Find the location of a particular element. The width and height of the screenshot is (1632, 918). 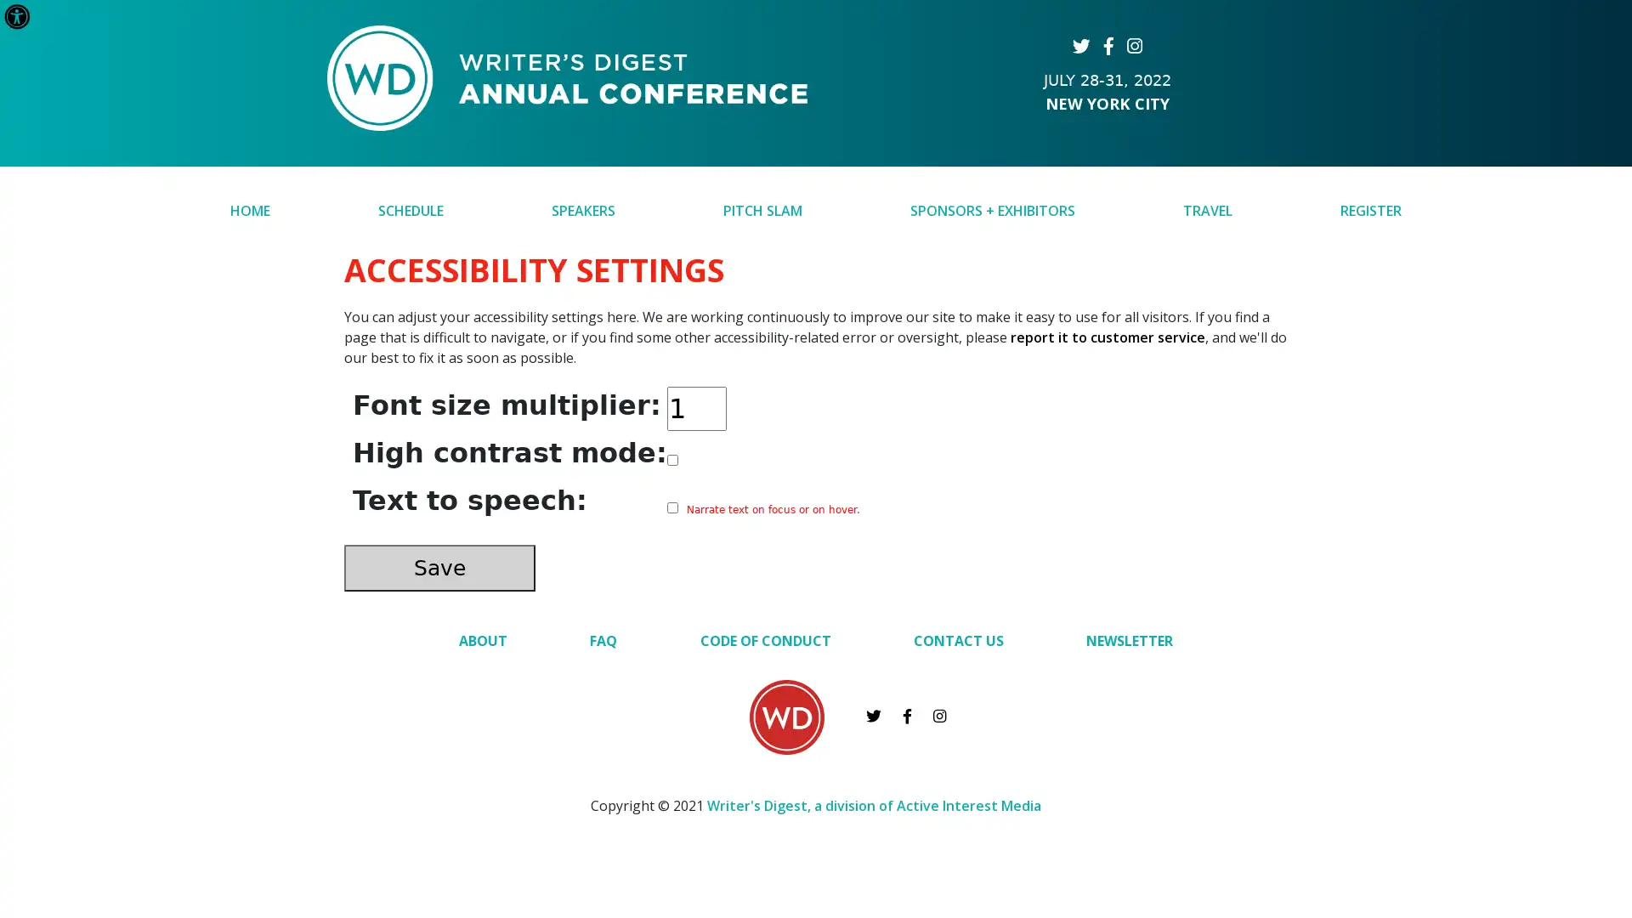

Save is located at coordinates (439, 567).